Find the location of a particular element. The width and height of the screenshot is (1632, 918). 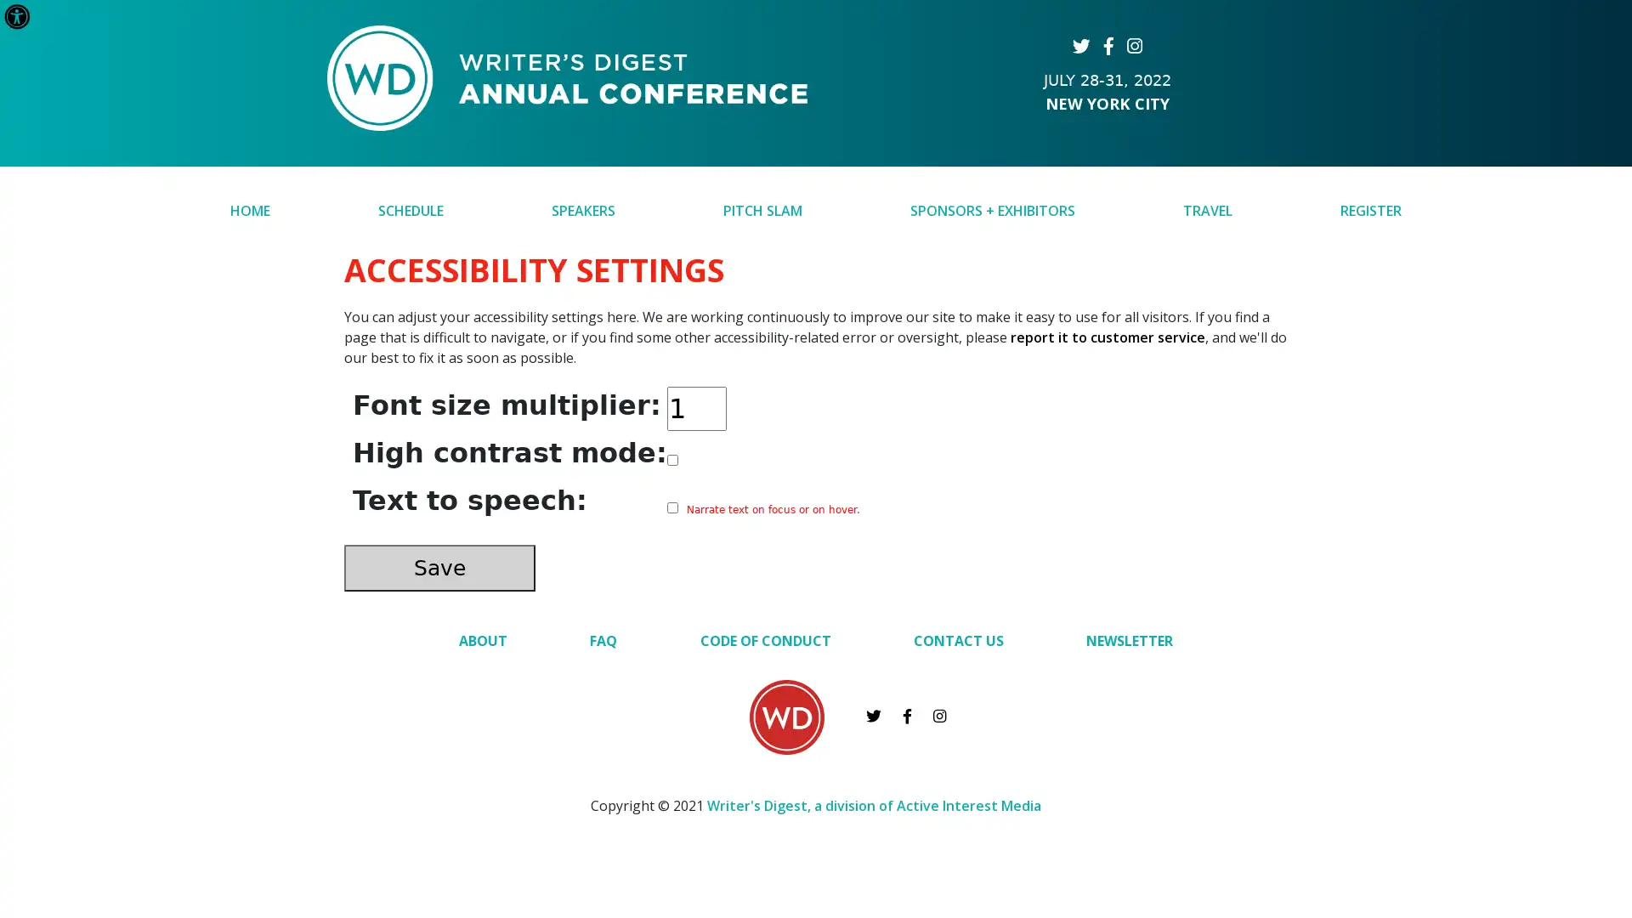

Save is located at coordinates (439, 567).